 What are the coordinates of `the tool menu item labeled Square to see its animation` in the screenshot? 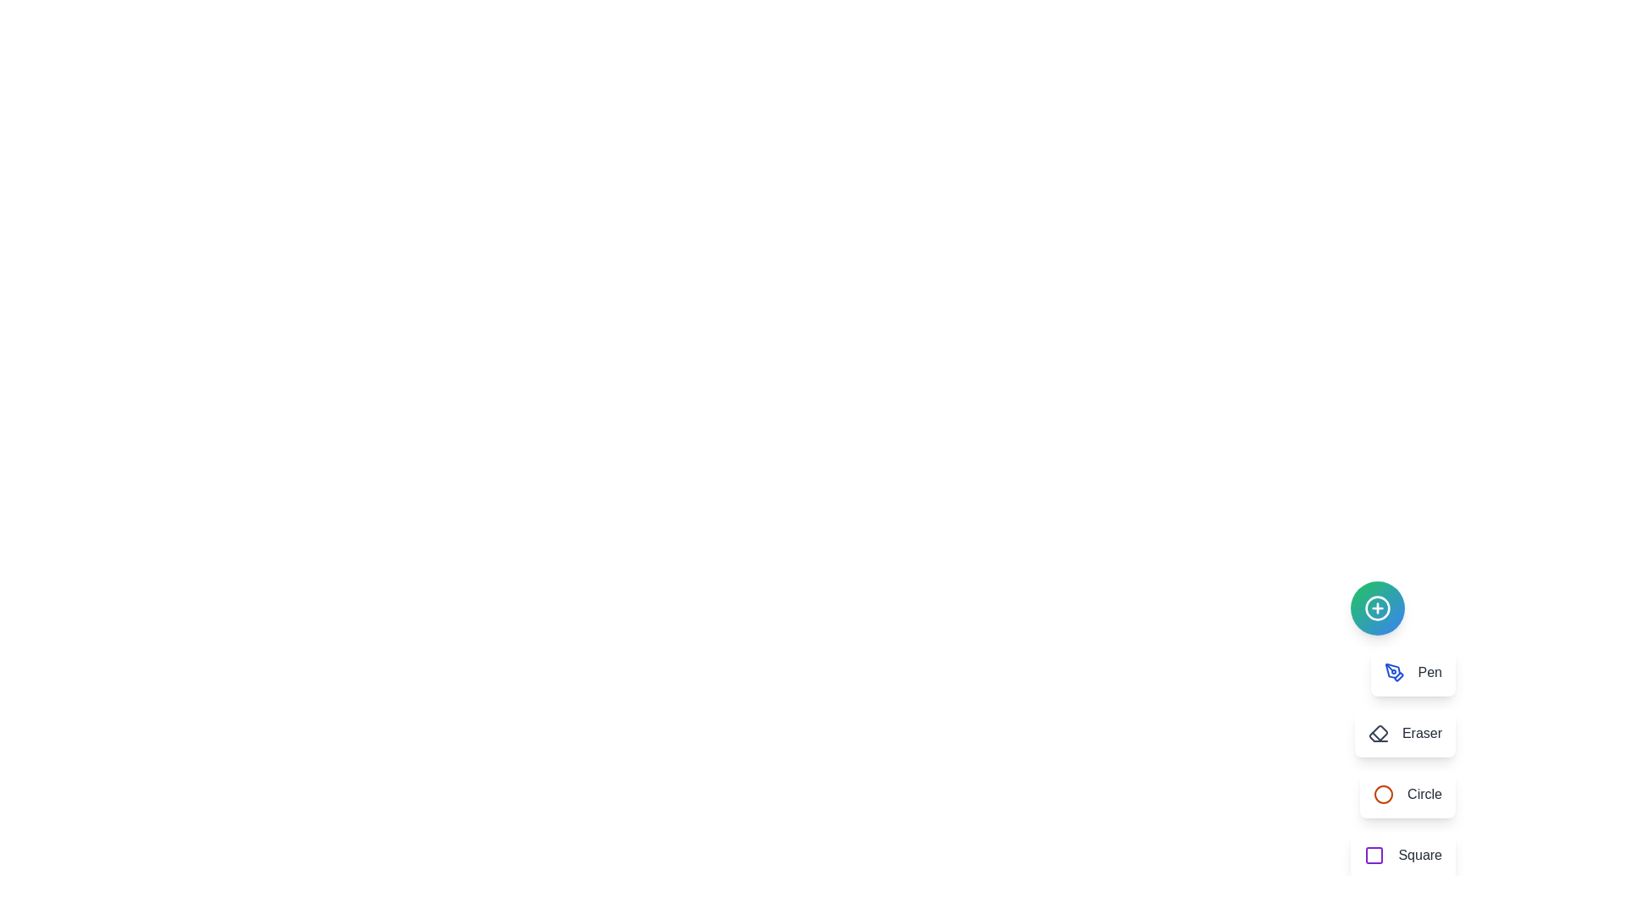 It's located at (1402, 855).